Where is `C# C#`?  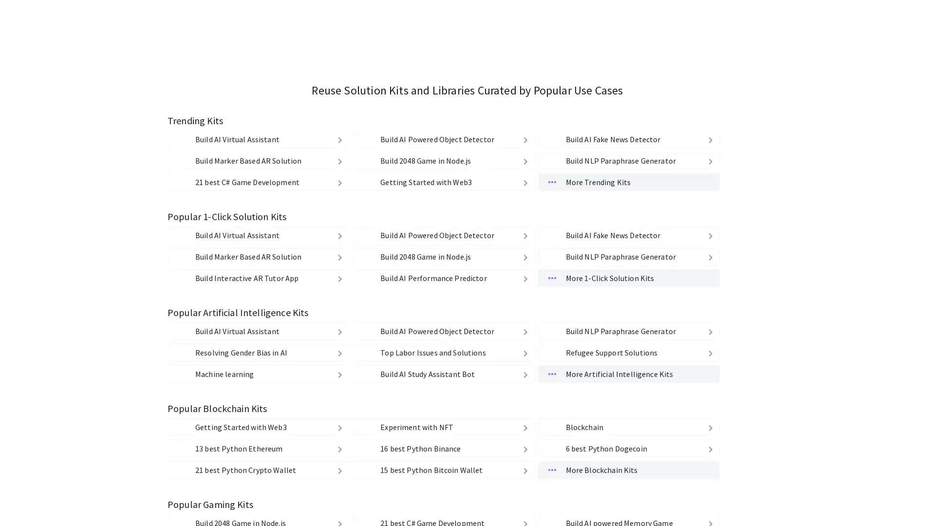
C# C# is located at coordinates (429, 244).